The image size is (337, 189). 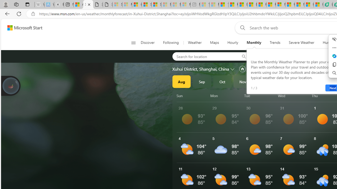 What do you see at coordinates (301, 43) in the screenshot?
I see `'Severe Weather'` at bounding box center [301, 43].